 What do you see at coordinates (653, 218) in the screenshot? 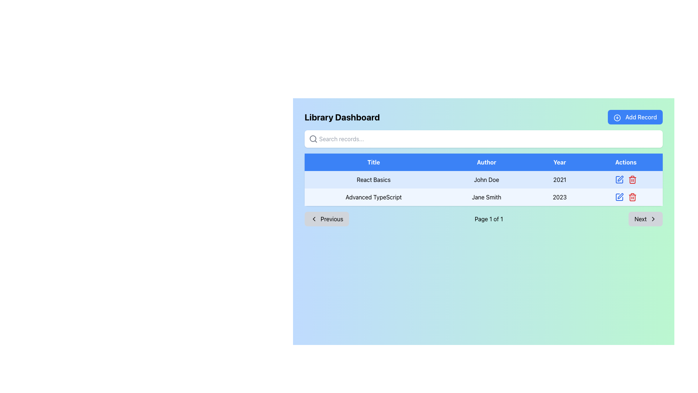
I see `the forward navigation arrow icon located at the bottom right of the 'Next' button` at bounding box center [653, 218].